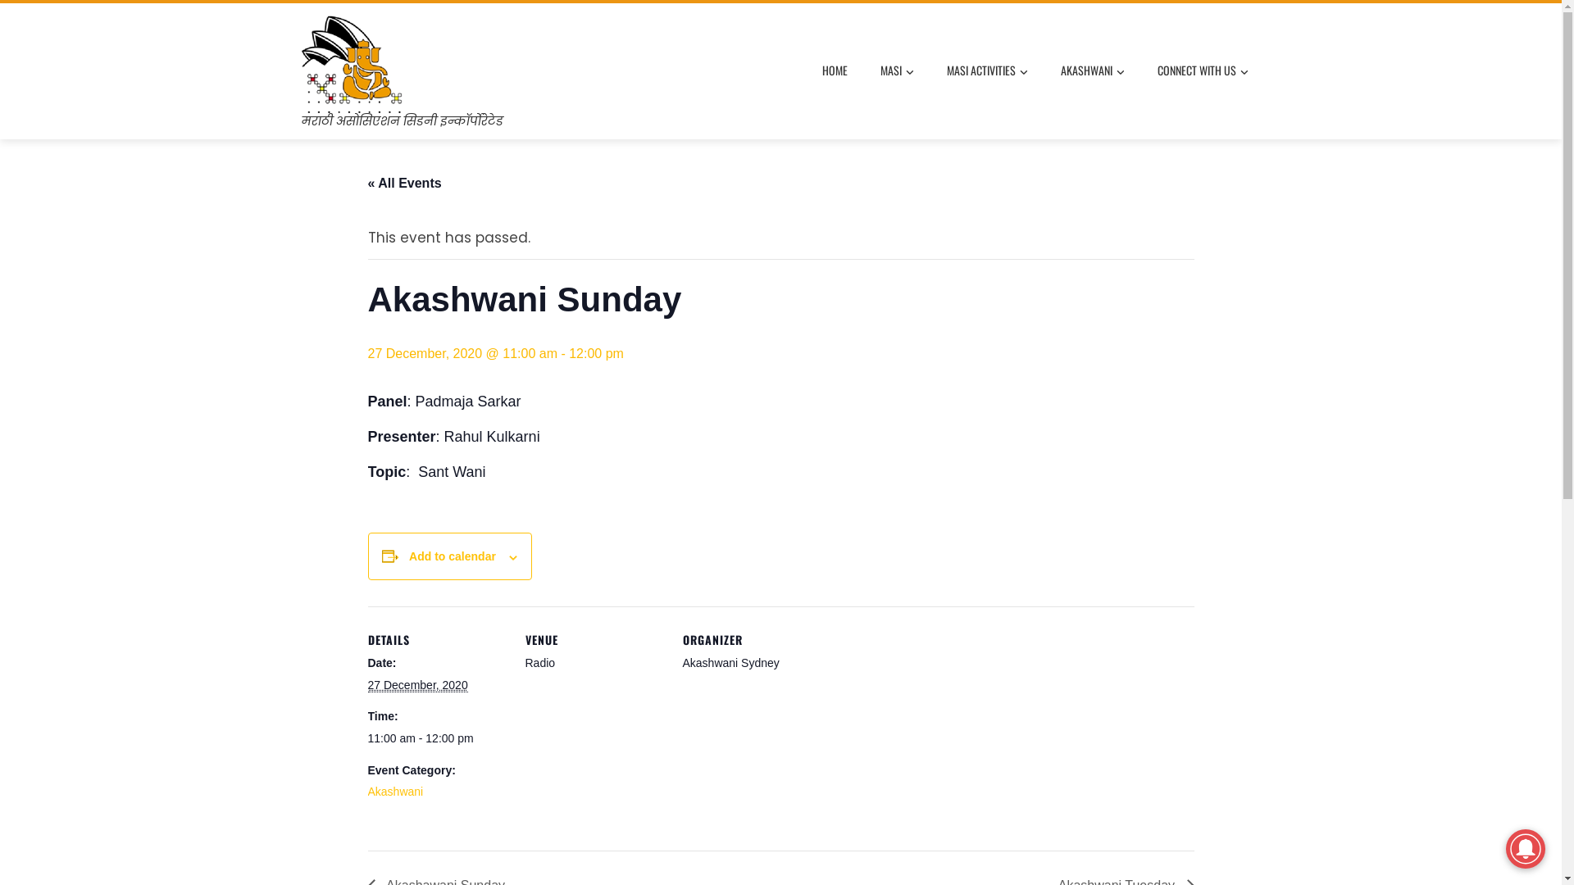  Describe the element at coordinates (394, 790) in the screenshot. I see `'Akashwani'` at that location.